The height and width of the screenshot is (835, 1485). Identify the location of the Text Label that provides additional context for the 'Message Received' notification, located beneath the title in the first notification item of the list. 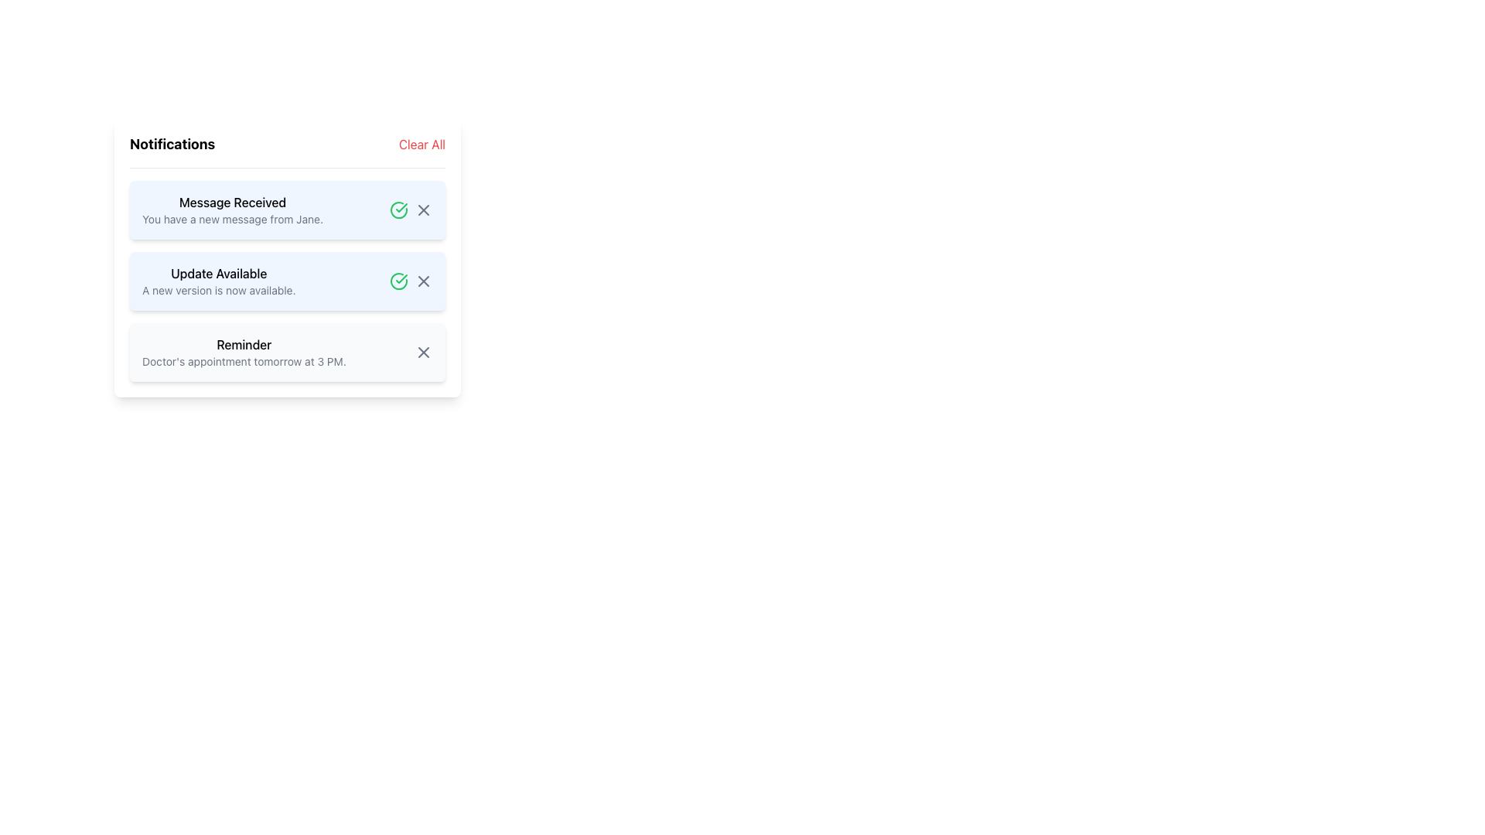
(232, 220).